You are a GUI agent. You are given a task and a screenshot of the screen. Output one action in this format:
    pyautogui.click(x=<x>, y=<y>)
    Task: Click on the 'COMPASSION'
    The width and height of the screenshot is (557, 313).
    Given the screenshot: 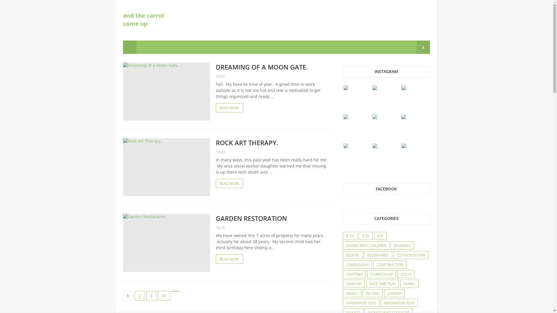 What is the action you would take?
    pyautogui.click(x=357, y=265)
    